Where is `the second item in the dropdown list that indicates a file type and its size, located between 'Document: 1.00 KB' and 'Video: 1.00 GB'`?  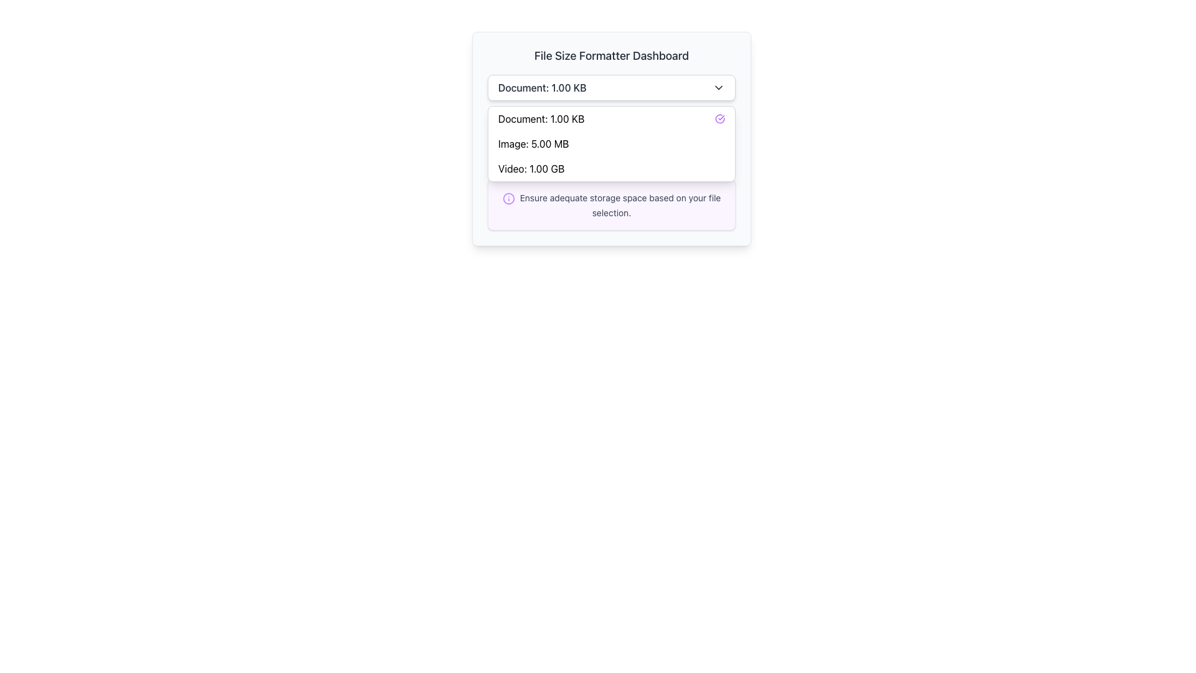 the second item in the dropdown list that indicates a file type and its size, located between 'Document: 1.00 KB' and 'Video: 1.00 GB' is located at coordinates (612, 143).